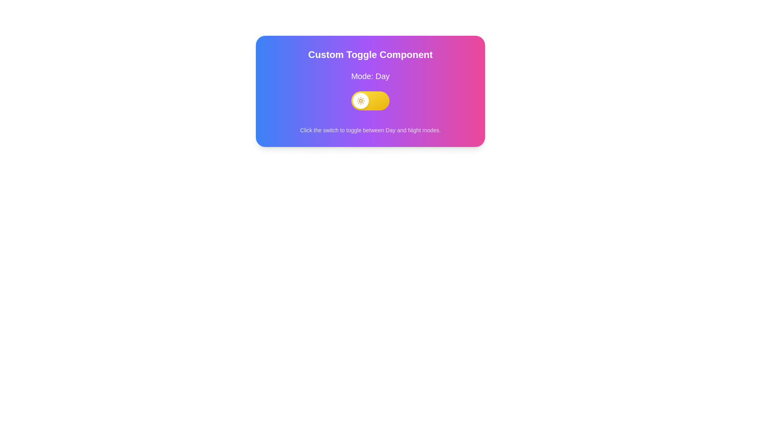  Describe the element at coordinates (361, 100) in the screenshot. I see `the sun-like icon in the center of the circular button` at that location.